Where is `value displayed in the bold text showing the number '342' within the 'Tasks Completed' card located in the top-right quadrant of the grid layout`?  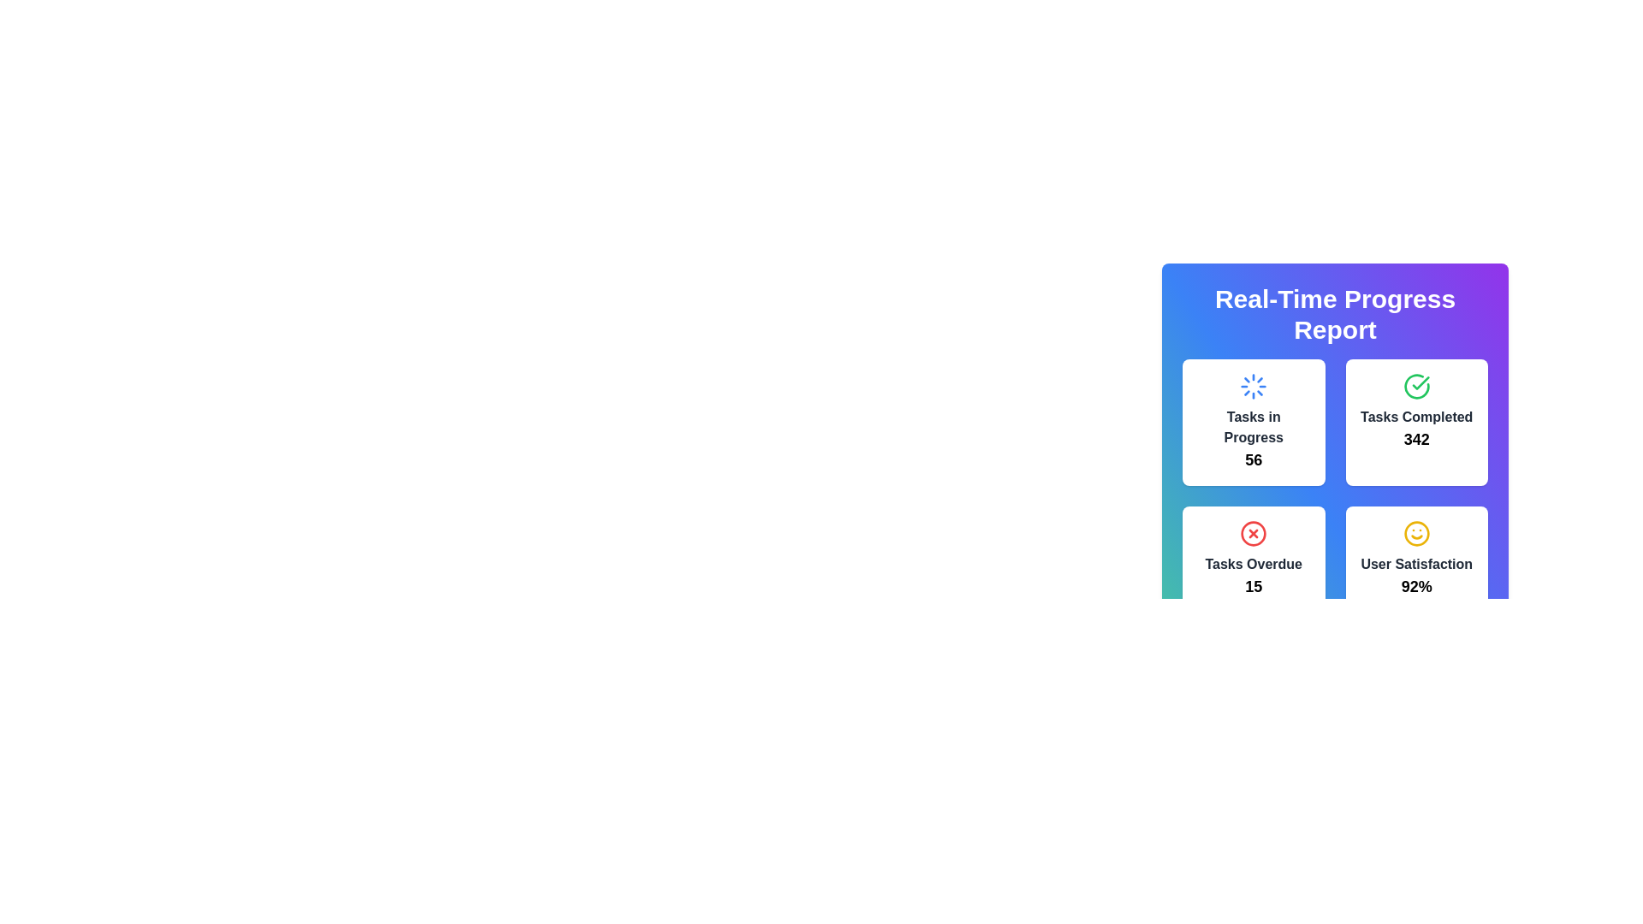 value displayed in the bold text showing the number '342' within the 'Tasks Completed' card located in the top-right quadrant of the grid layout is located at coordinates (1416, 438).